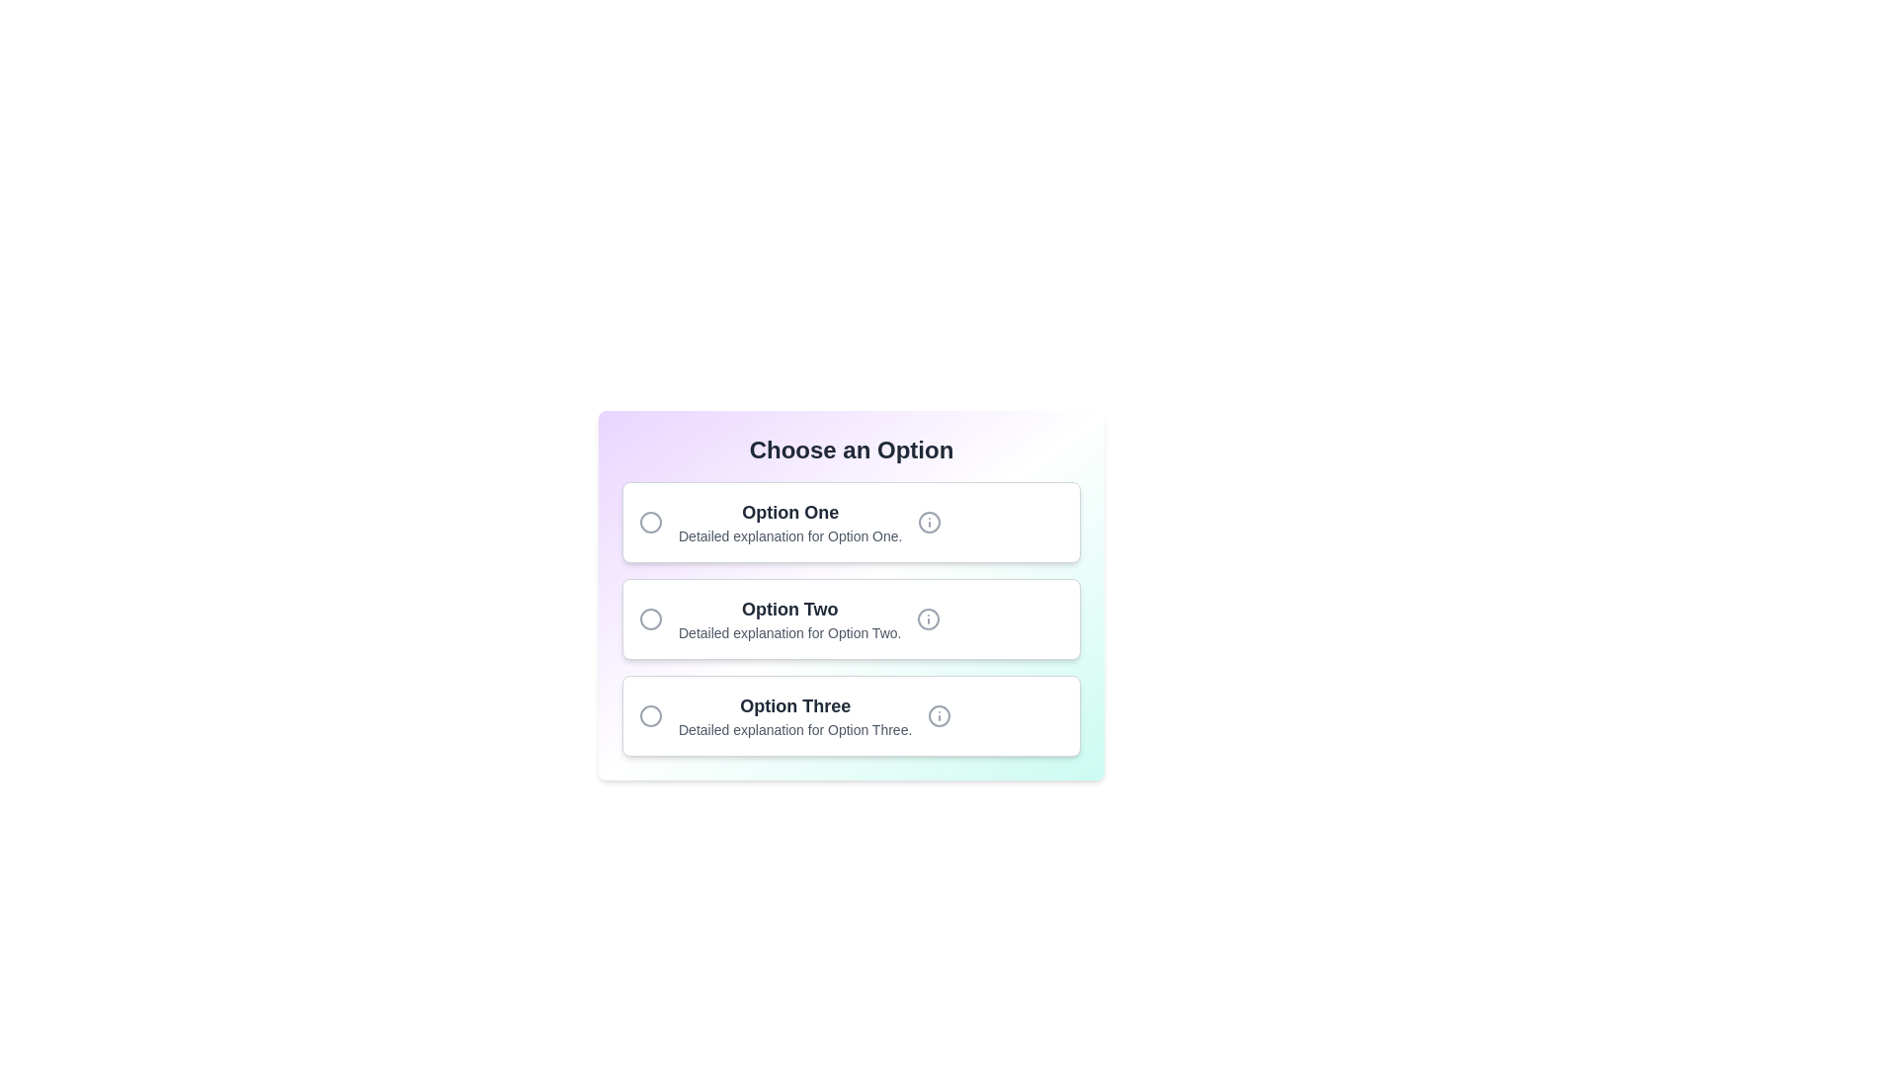 This screenshot has width=1897, height=1067. What do you see at coordinates (650, 618) in the screenshot?
I see `the circular outline radio button in the second option row labeled 'Option Two'` at bounding box center [650, 618].